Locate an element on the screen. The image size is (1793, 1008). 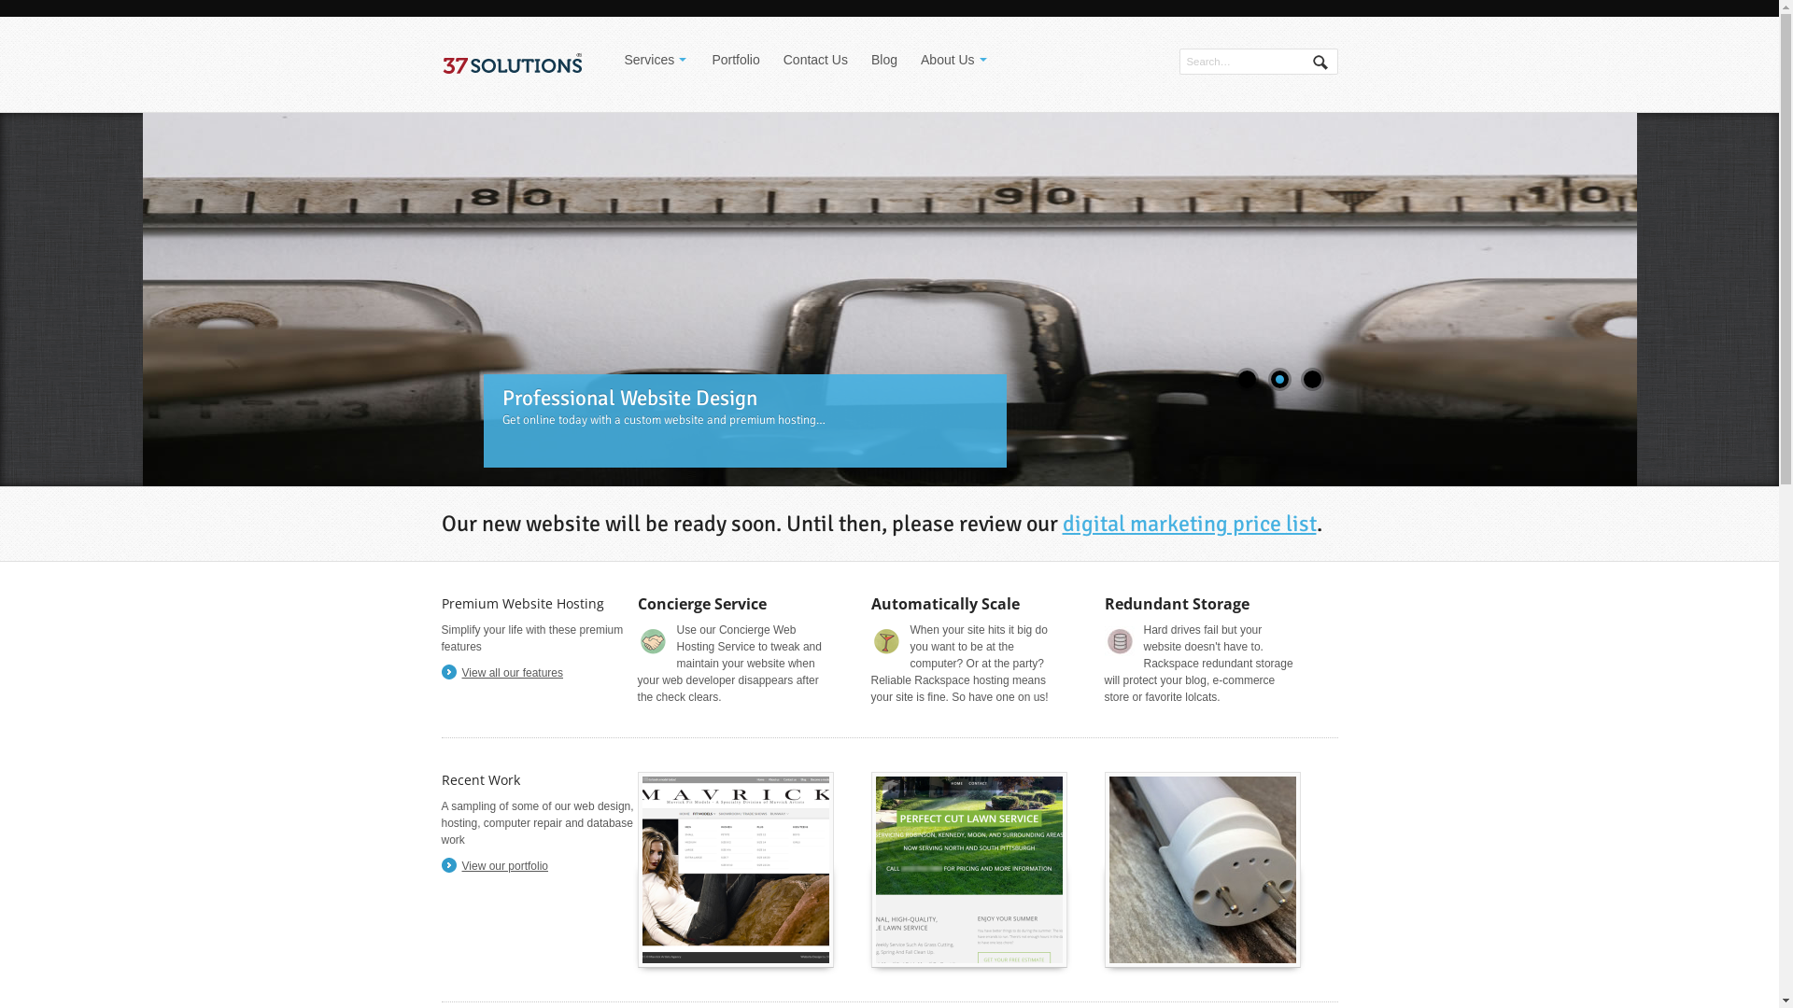
'digital marketing price list' is located at coordinates (1188, 523).